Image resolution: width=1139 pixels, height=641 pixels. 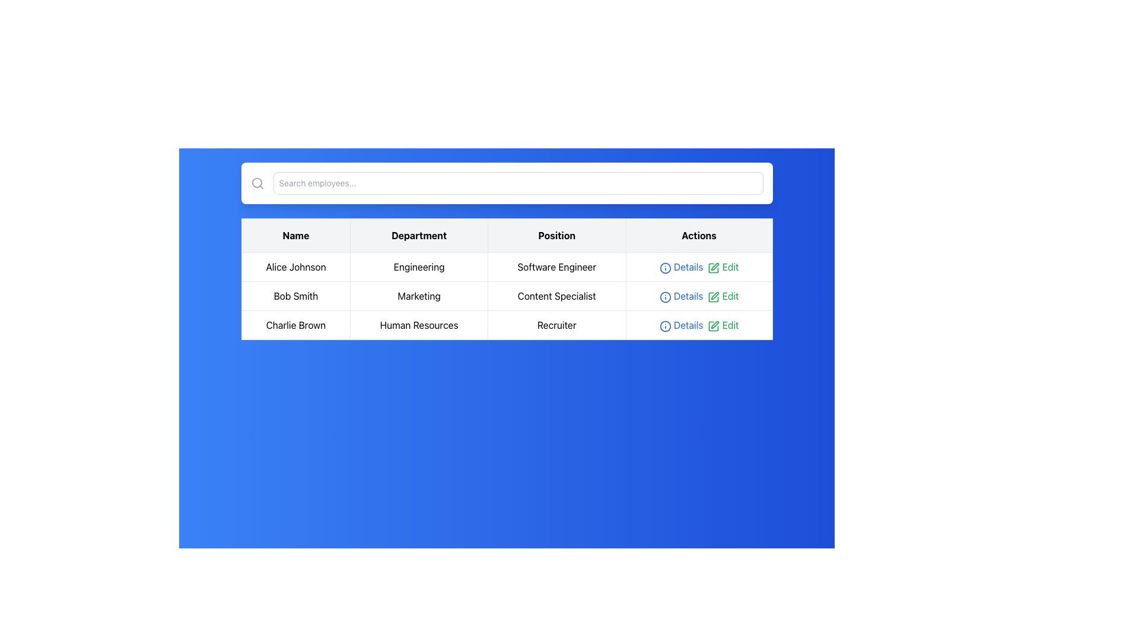 I want to click on the pencil icon button located in the 'Actions' column of the last row in the table, aligning with the 'Recruiter' position, so click(x=714, y=325).